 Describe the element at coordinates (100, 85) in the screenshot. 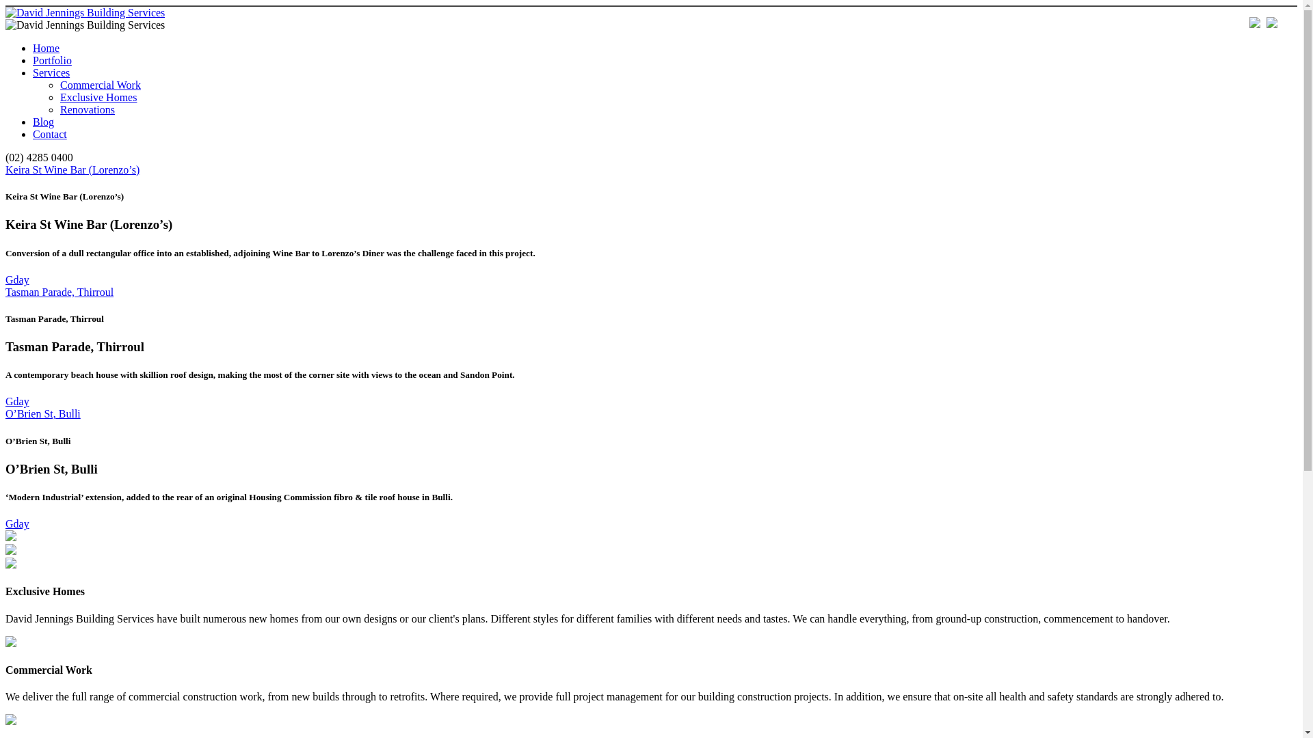

I see `'Commercial Work'` at that location.